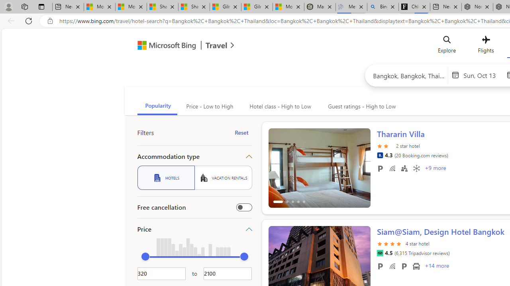 The image size is (510, 286). I want to click on 'Booking.com', so click(379, 155).